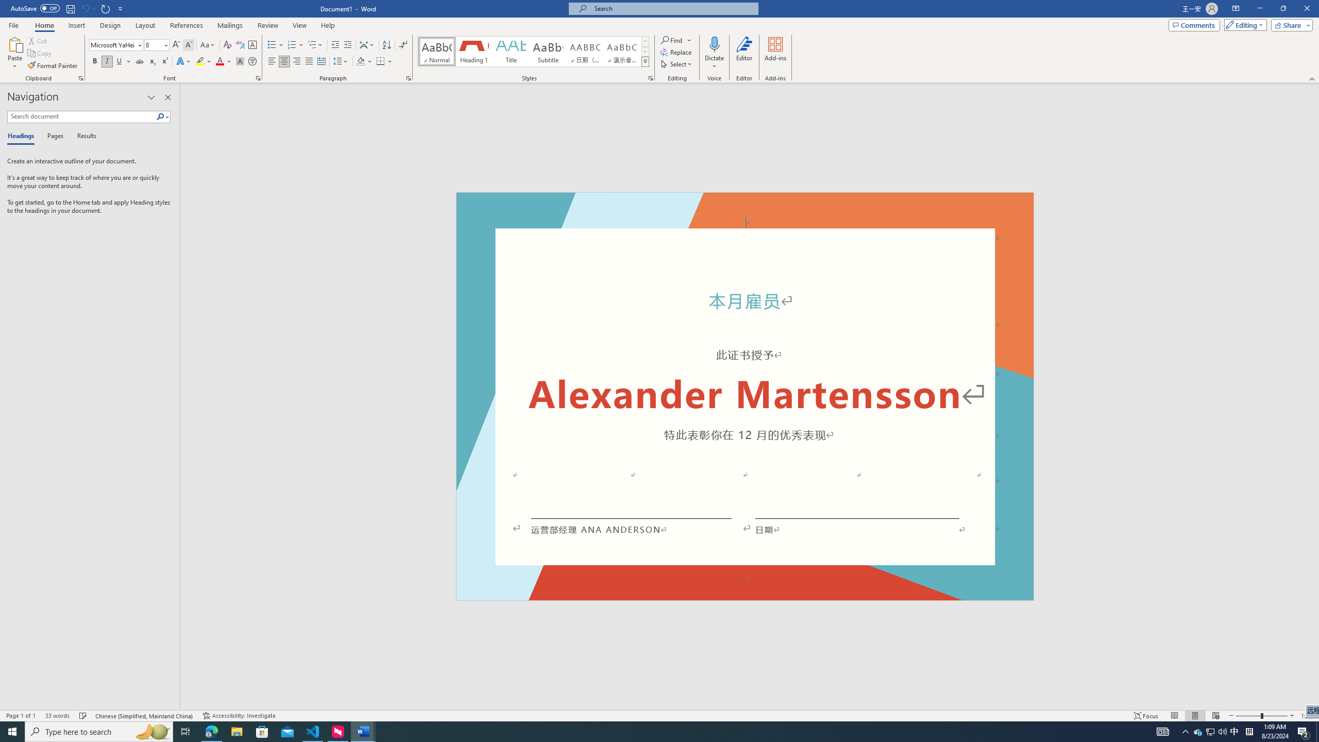 The width and height of the screenshot is (1319, 742). What do you see at coordinates (714, 43) in the screenshot?
I see `'Dictate'` at bounding box center [714, 43].